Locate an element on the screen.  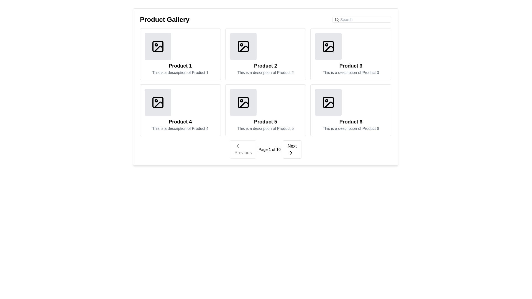
the product title text label located at the bottom center of its card layout, which displays the product's identifier or title is located at coordinates (180, 121).